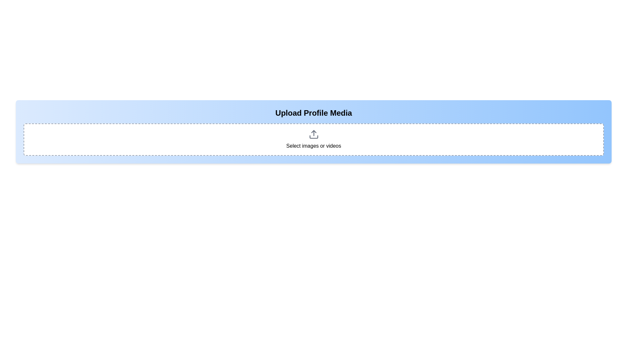  Describe the element at coordinates (314, 134) in the screenshot. I see `the upload icon, which serves as a visual indicator for the upload function, located above the text 'Select images or videos' in the dashed-bordered area` at that location.